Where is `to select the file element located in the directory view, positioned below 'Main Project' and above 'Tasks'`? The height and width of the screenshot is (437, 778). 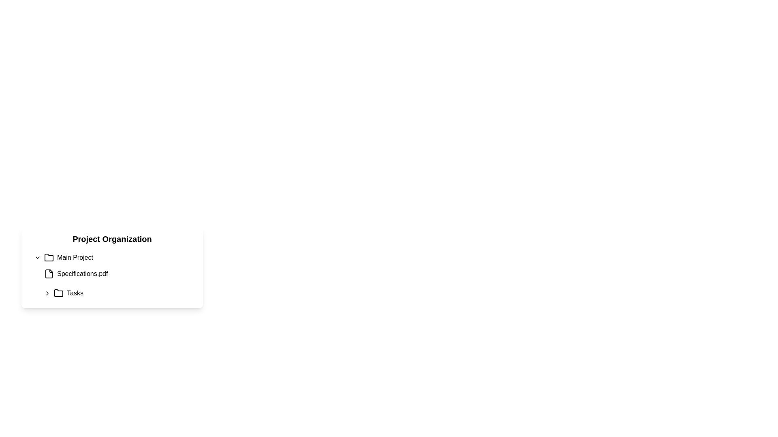
to select the file element located in the directory view, positioned below 'Main Project' and above 'Tasks' is located at coordinates (113, 275).